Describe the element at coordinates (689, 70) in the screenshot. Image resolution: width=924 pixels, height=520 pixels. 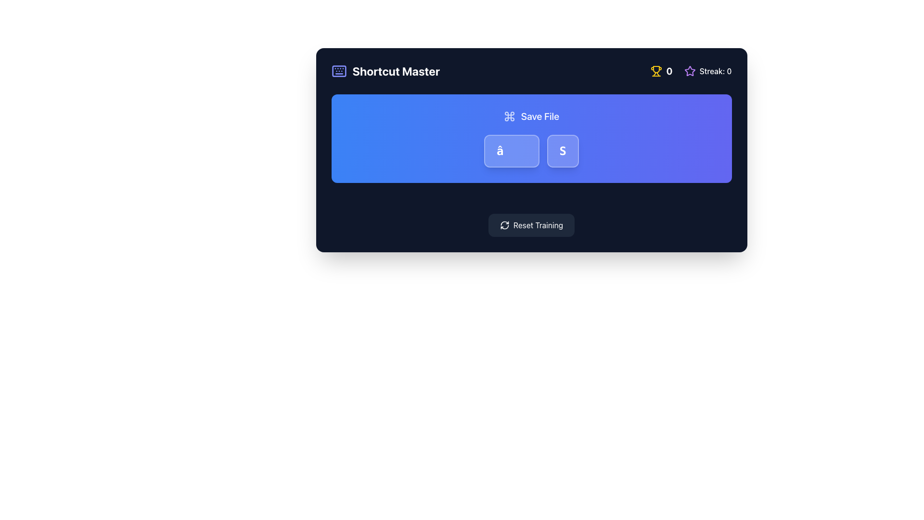
I see `the visual state of the star-shaped icon with a purple outline located in the top-right corner of the application interface, positioned to the left of the numerical streak indicator` at that location.